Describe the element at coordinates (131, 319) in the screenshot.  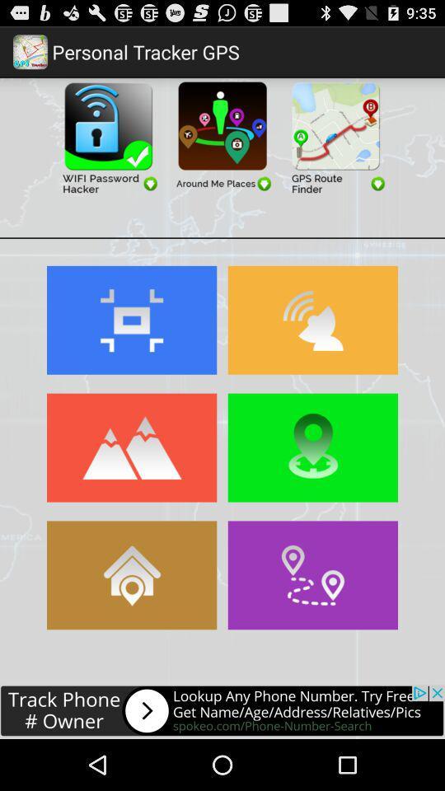
I see `the zoom button` at that location.